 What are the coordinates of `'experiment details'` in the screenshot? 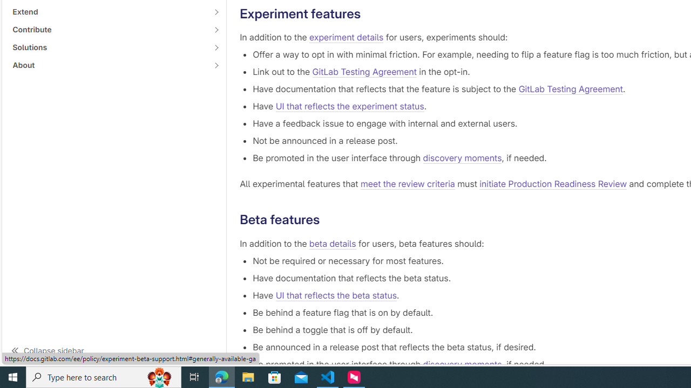 It's located at (346, 37).